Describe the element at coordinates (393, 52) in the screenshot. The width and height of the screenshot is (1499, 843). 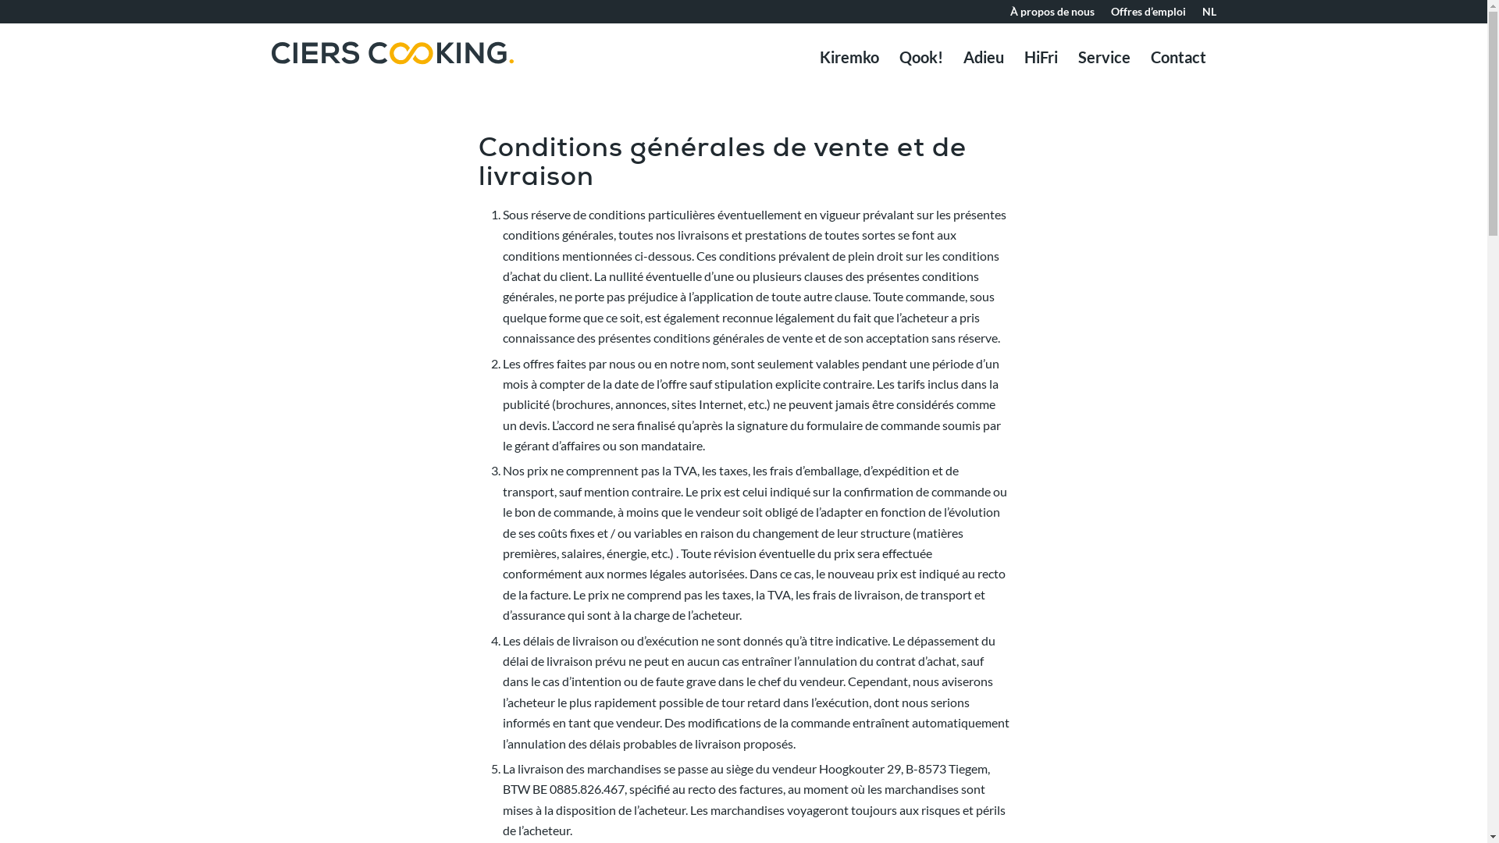
I see `'ciers-cooking'` at that location.